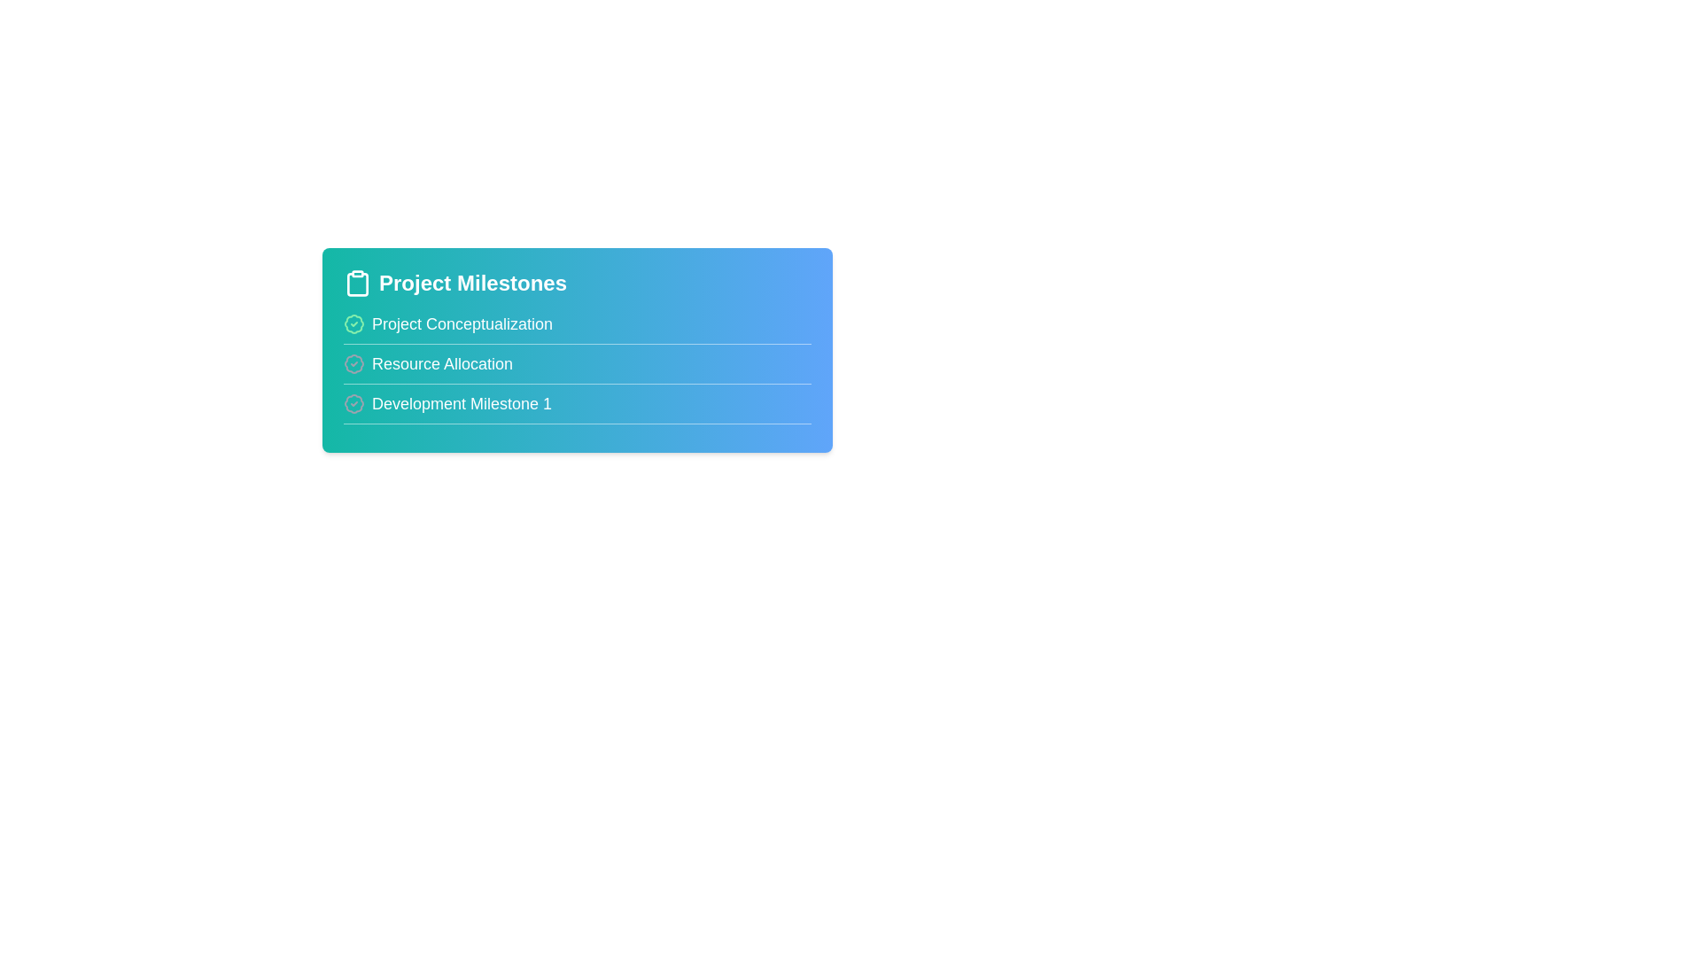 This screenshot has height=957, width=1701. What do you see at coordinates (462, 403) in the screenshot?
I see `the milestone title Development Milestone 1 to edit it` at bounding box center [462, 403].